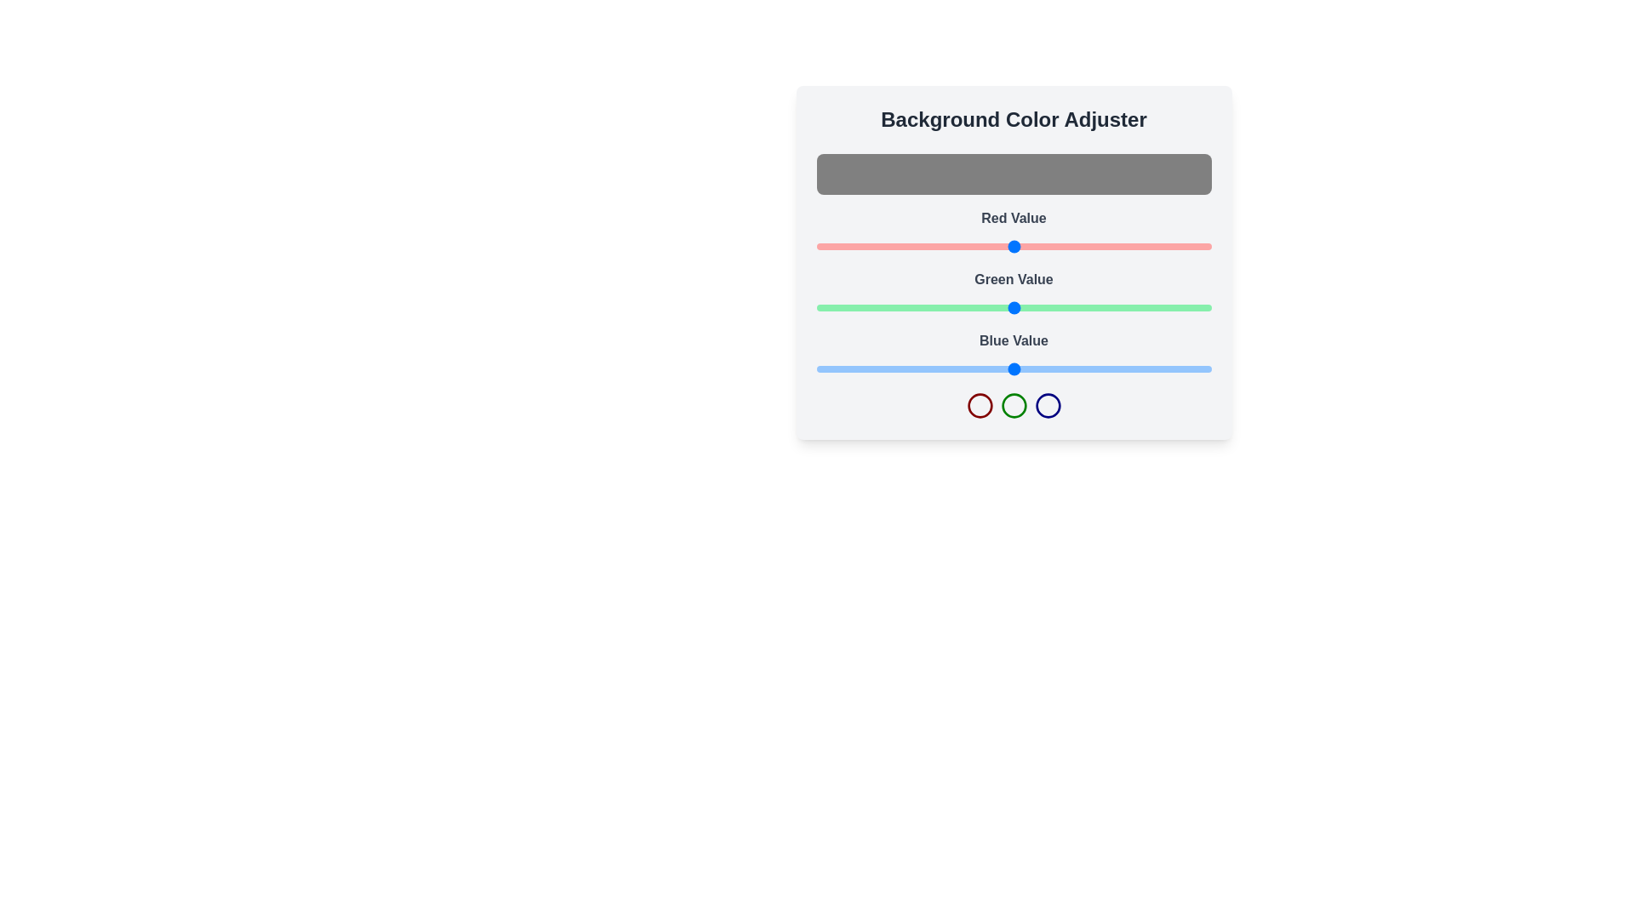 Image resolution: width=1634 pixels, height=919 pixels. I want to click on the green slider to set the green color value to 46, so click(887, 308).